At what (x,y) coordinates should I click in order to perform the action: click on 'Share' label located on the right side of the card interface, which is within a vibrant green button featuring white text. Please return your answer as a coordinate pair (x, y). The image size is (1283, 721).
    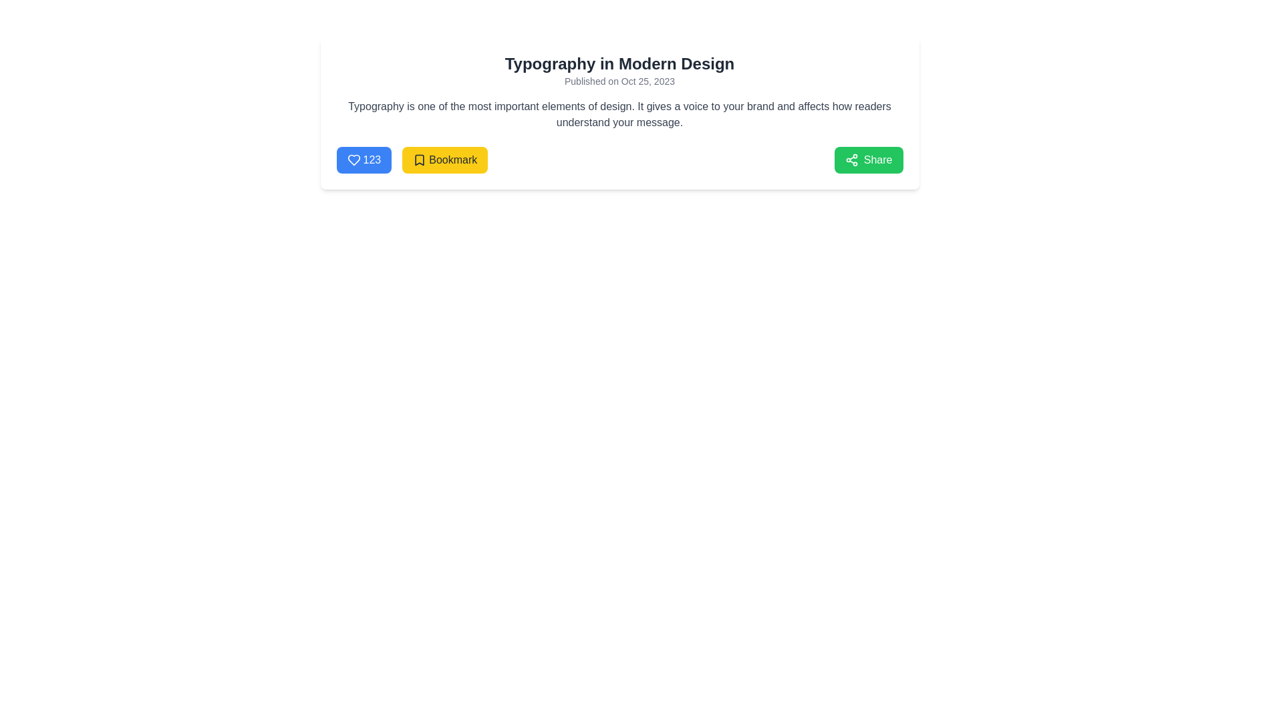
    Looking at the image, I should click on (878, 159).